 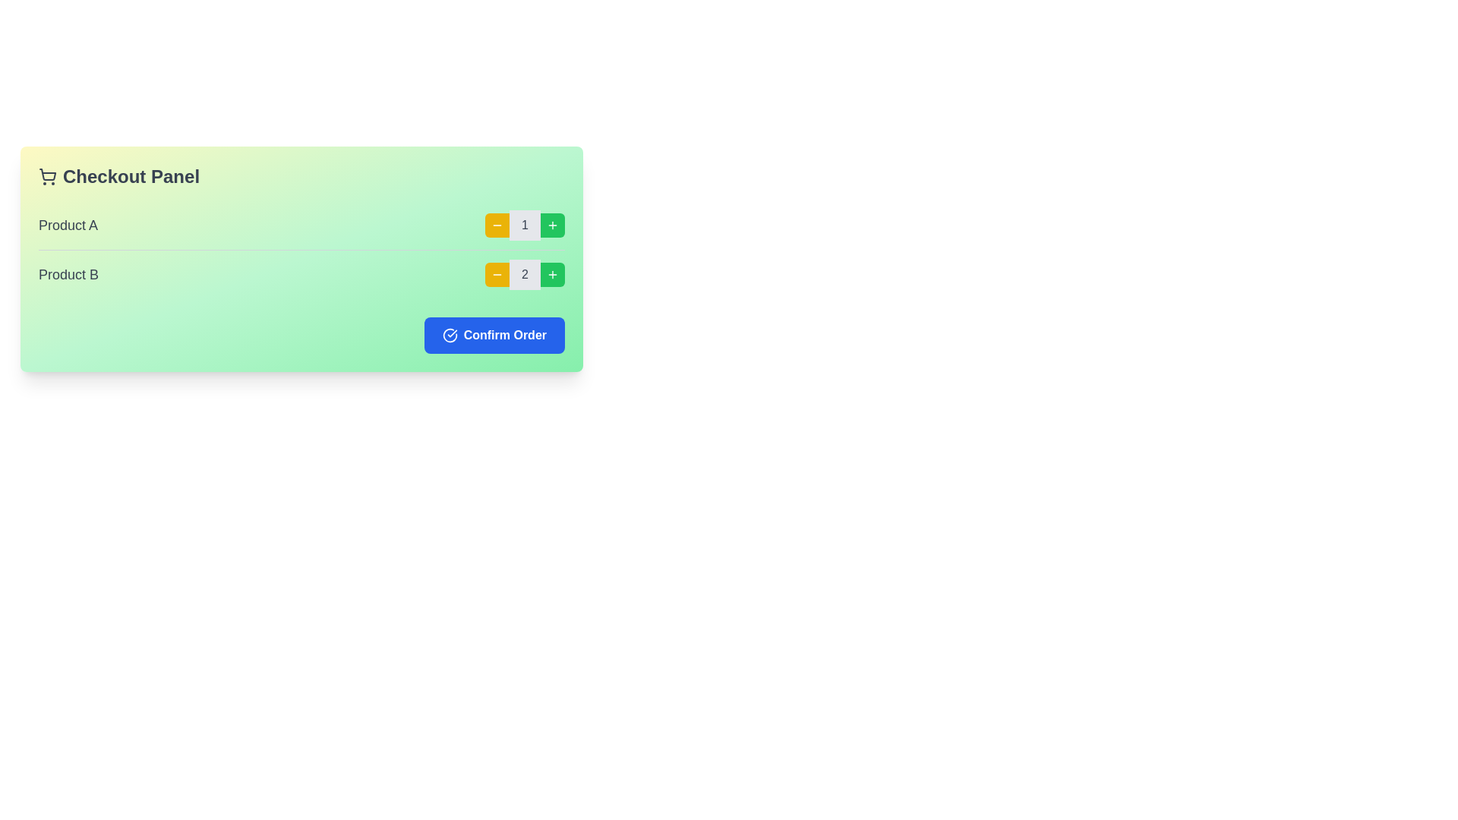 What do you see at coordinates (525, 275) in the screenshot?
I see `the Display text or label containing the number '2', which is located in the second row of the numeric adjustment group, between a '-' yellow button and a '+' green button` at bounding box center [525, 275].